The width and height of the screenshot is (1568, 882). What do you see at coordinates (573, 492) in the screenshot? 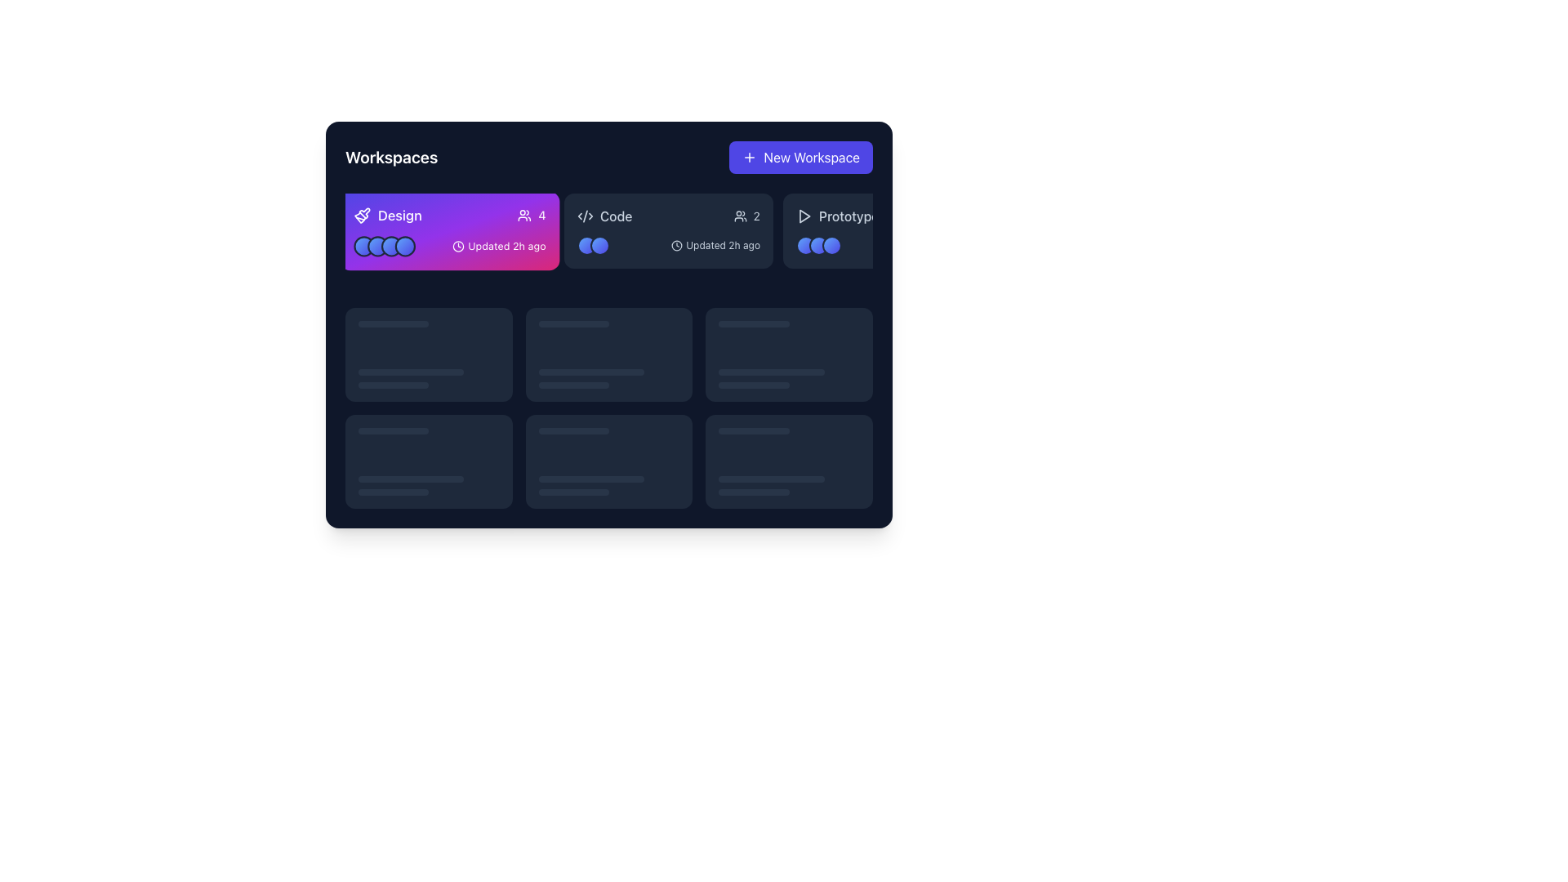
I see `the progress indicator located in the bottom-right region of the grid, which serves as a visual placeholder for loading states` at bounding box center [573, 492].